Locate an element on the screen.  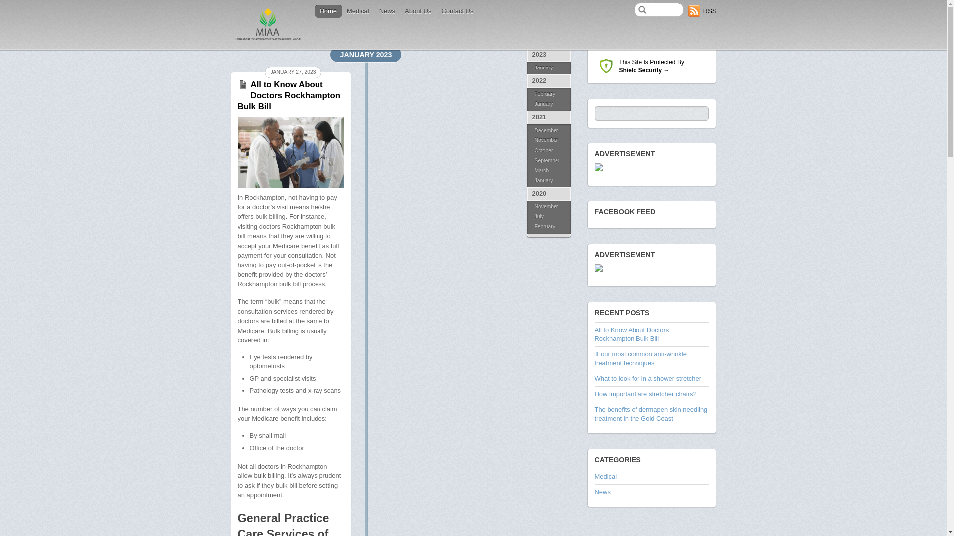
'2021' is located at coordinates (526, 117).